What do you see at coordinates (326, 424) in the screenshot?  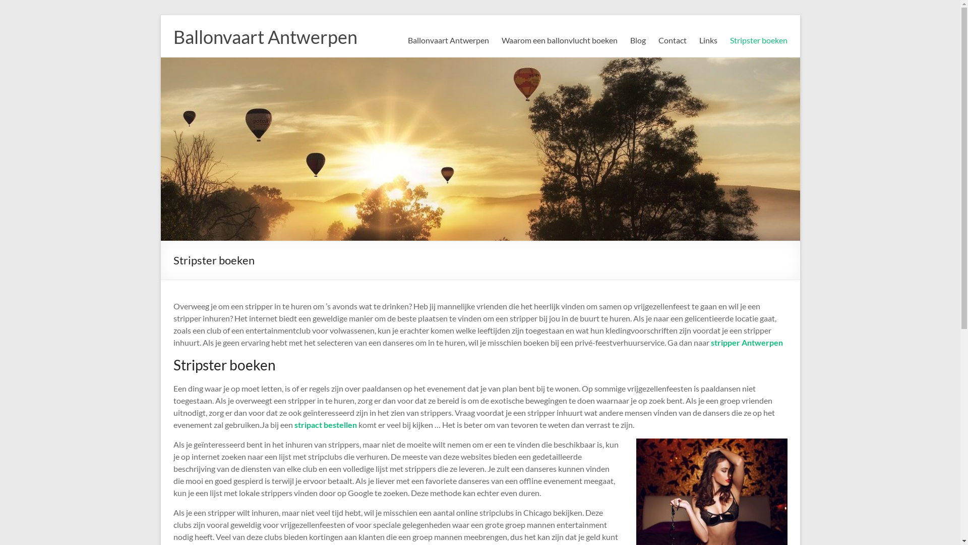 I see `'stripact bestellen'` at bounding box center [326, 424].